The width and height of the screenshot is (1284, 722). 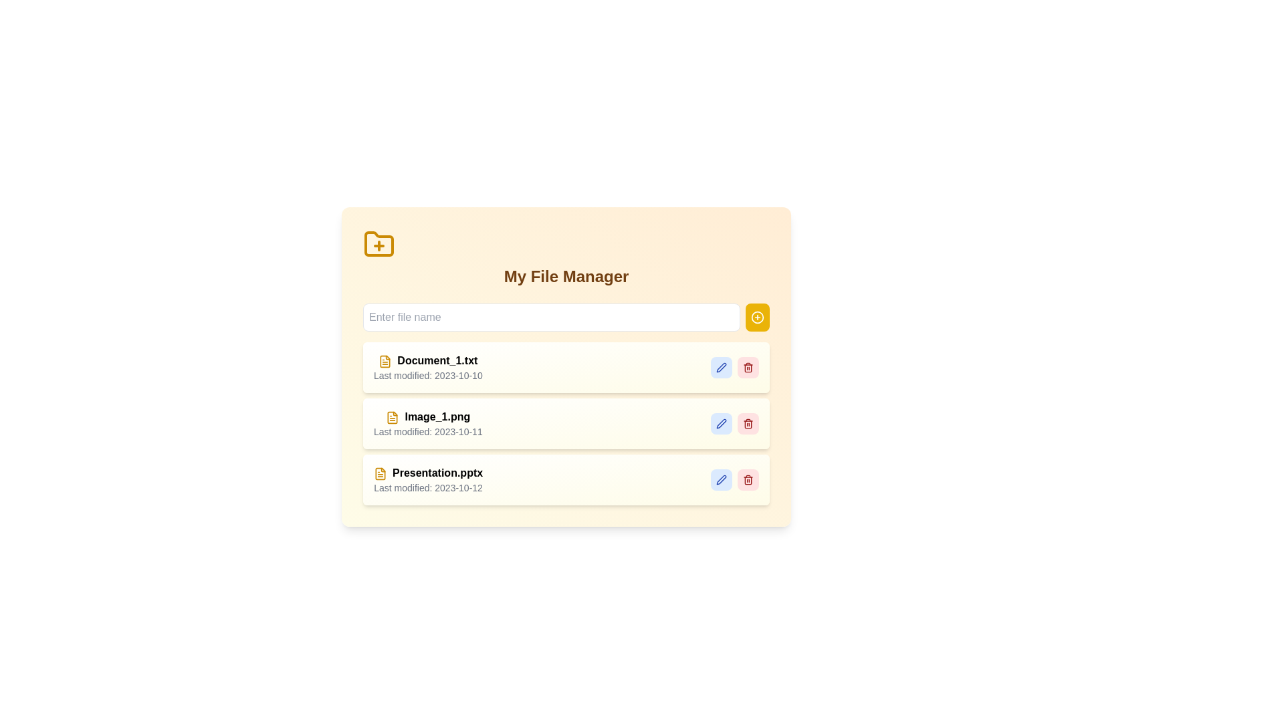 What do you see at coordinates (380, 473) in the screenshot?
I see `the bright yellow document file icon located at the beginning of the 'Presentation.pptx' row` at bounding box center [380, 473].